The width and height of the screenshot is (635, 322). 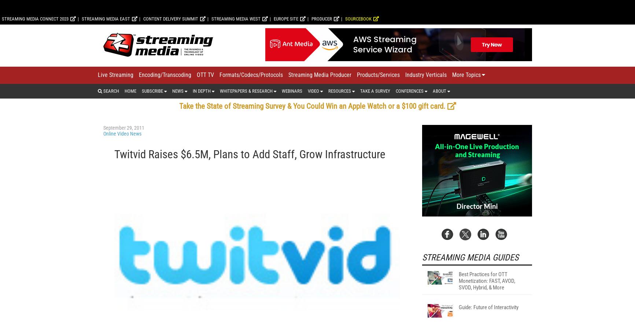 I want to click on 'Take the State of Streaming Survey & You Could Win an Apple Watch or a $100 gift card.', so click(x=312, y=202).